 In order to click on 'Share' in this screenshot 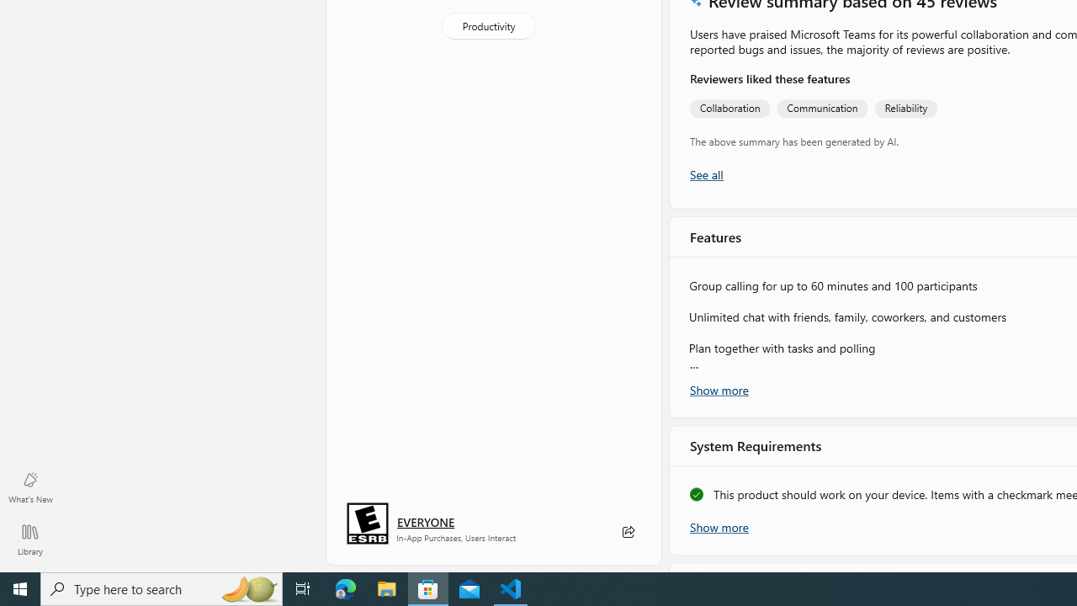, I will do `click(627, 532)`.